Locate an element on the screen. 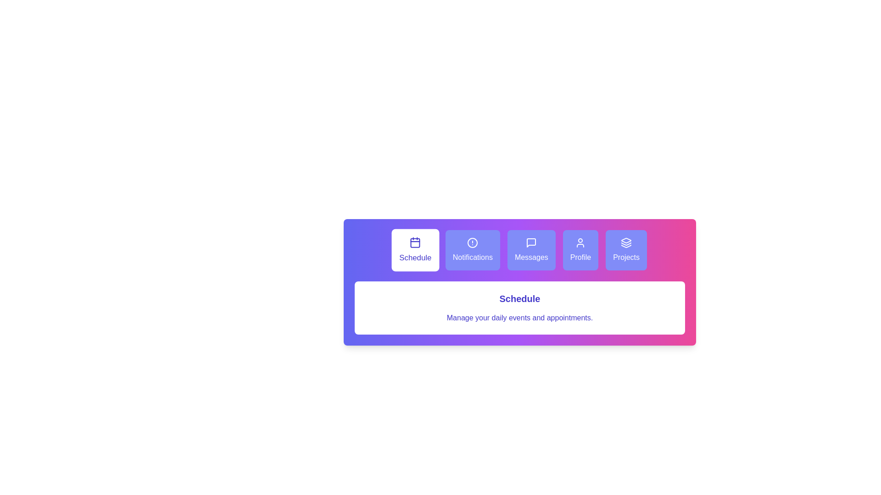 This screenshot has height=495, width=881. the tab labeled 'Notifications' to see its hover effect is located at coordinates (473, 250).